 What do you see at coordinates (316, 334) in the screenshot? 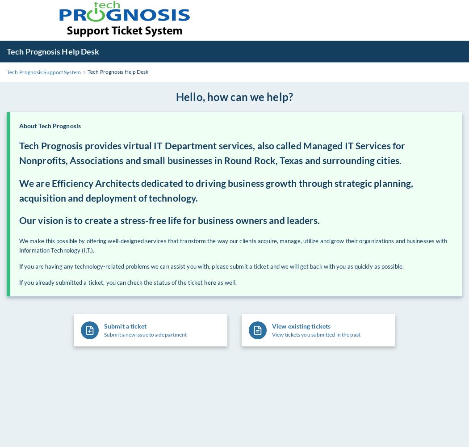
I see `'View tickets you submitted in the past'` at bounding box center [316, 334].